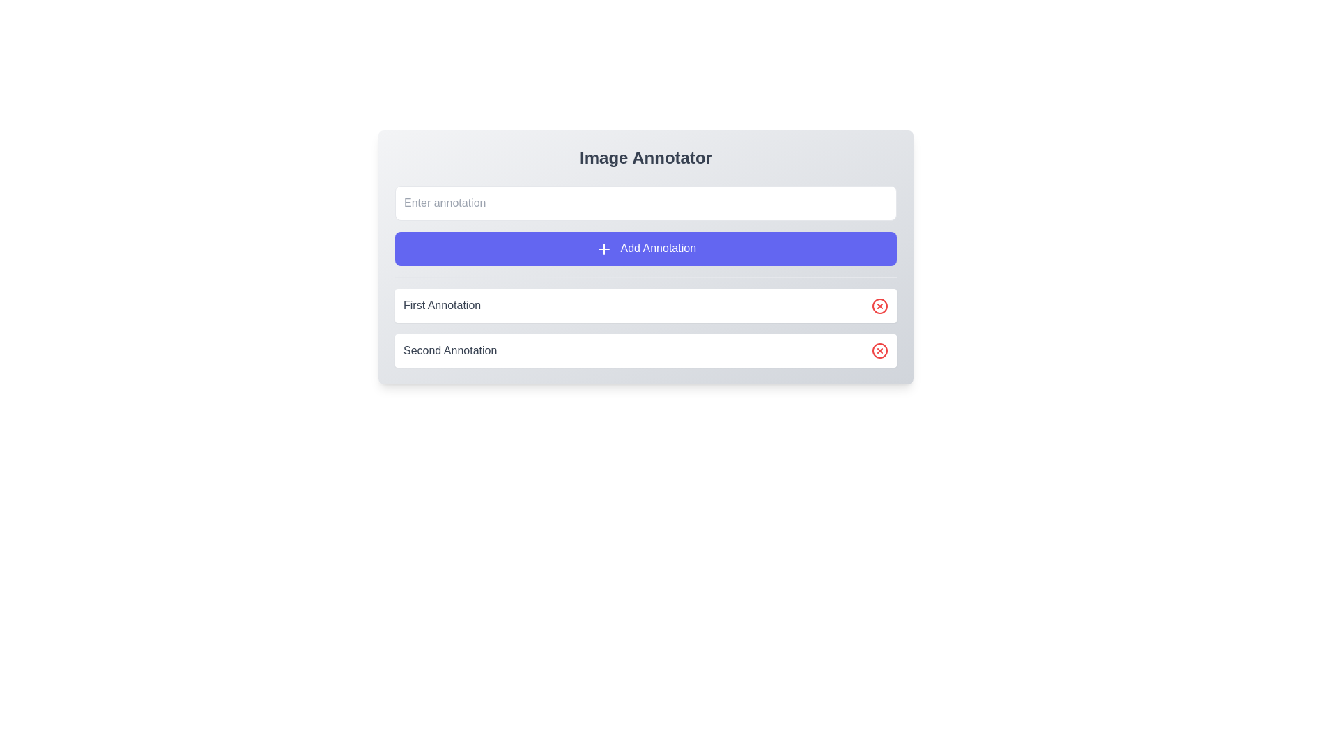 This screenshot has height=752, width=1338. I want to click on the 'Add Annotation' button which has a vibrant blue background and white text with a '+' icon, so click(645, 248).